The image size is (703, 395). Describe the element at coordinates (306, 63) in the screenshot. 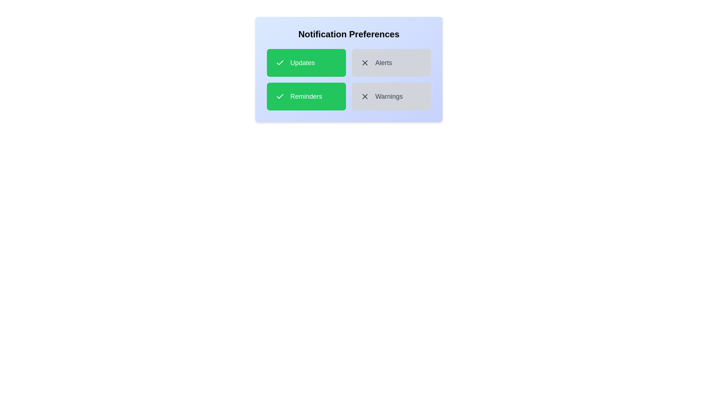

I see `the notification name to select its text` at that location.